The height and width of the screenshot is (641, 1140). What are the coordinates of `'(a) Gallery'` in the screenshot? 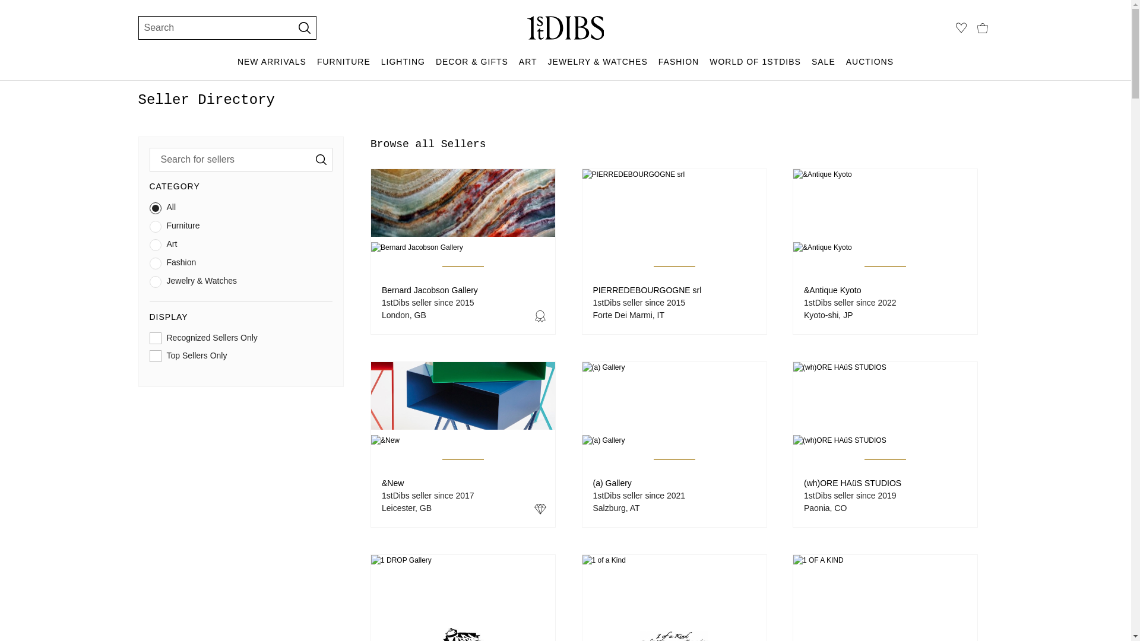 It's located at (612, 483).